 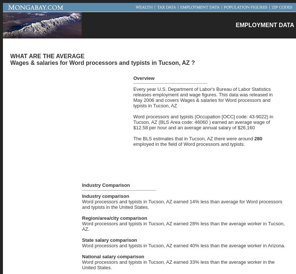 What do you see at coordinates (112, 256) in the screenshot?
I see `'National salary comparison'` at bounding box center [112, 256].